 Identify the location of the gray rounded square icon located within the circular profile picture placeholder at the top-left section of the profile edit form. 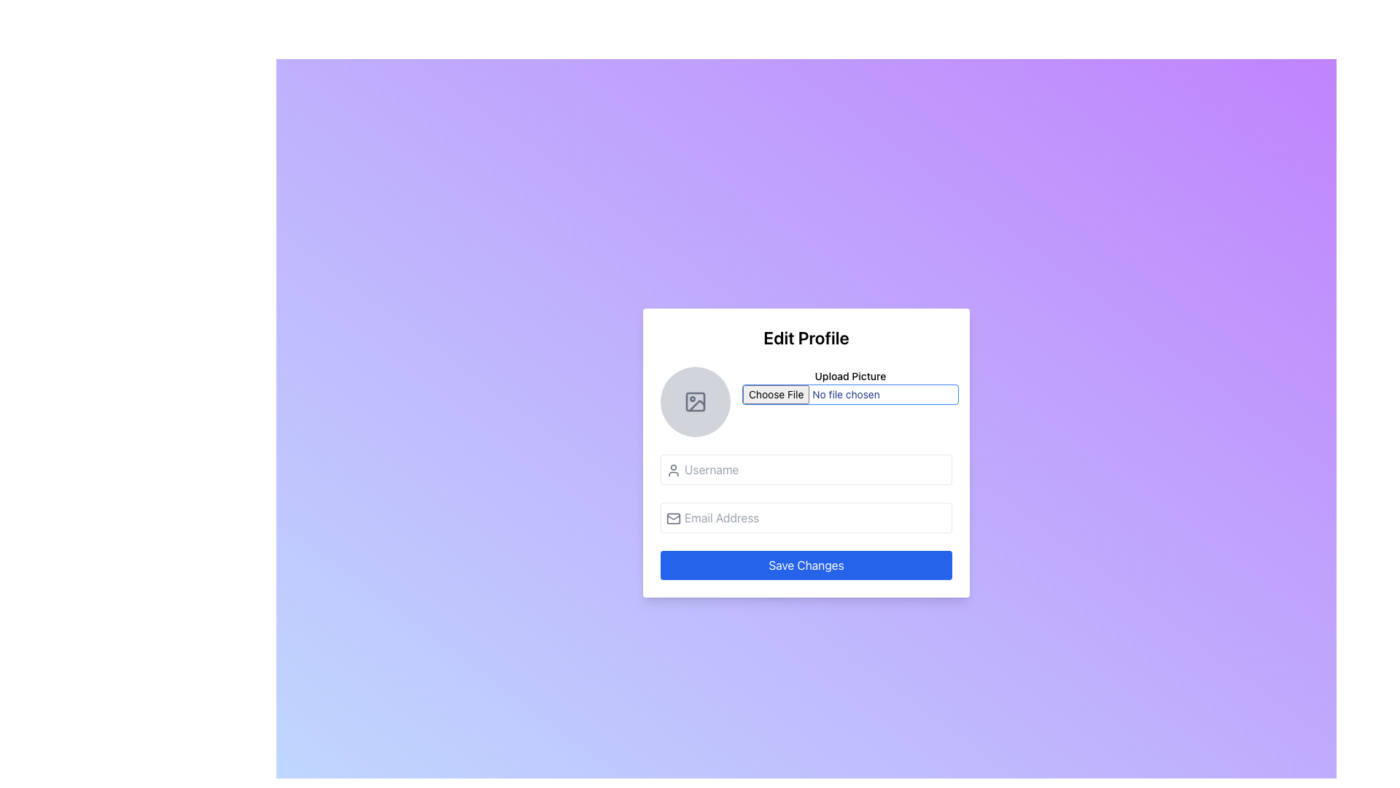
(695, 402).